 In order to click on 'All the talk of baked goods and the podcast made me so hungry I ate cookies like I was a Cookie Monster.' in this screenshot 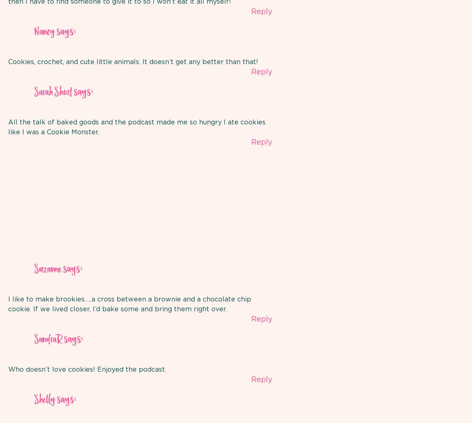, I will do `click(137, 126)`.